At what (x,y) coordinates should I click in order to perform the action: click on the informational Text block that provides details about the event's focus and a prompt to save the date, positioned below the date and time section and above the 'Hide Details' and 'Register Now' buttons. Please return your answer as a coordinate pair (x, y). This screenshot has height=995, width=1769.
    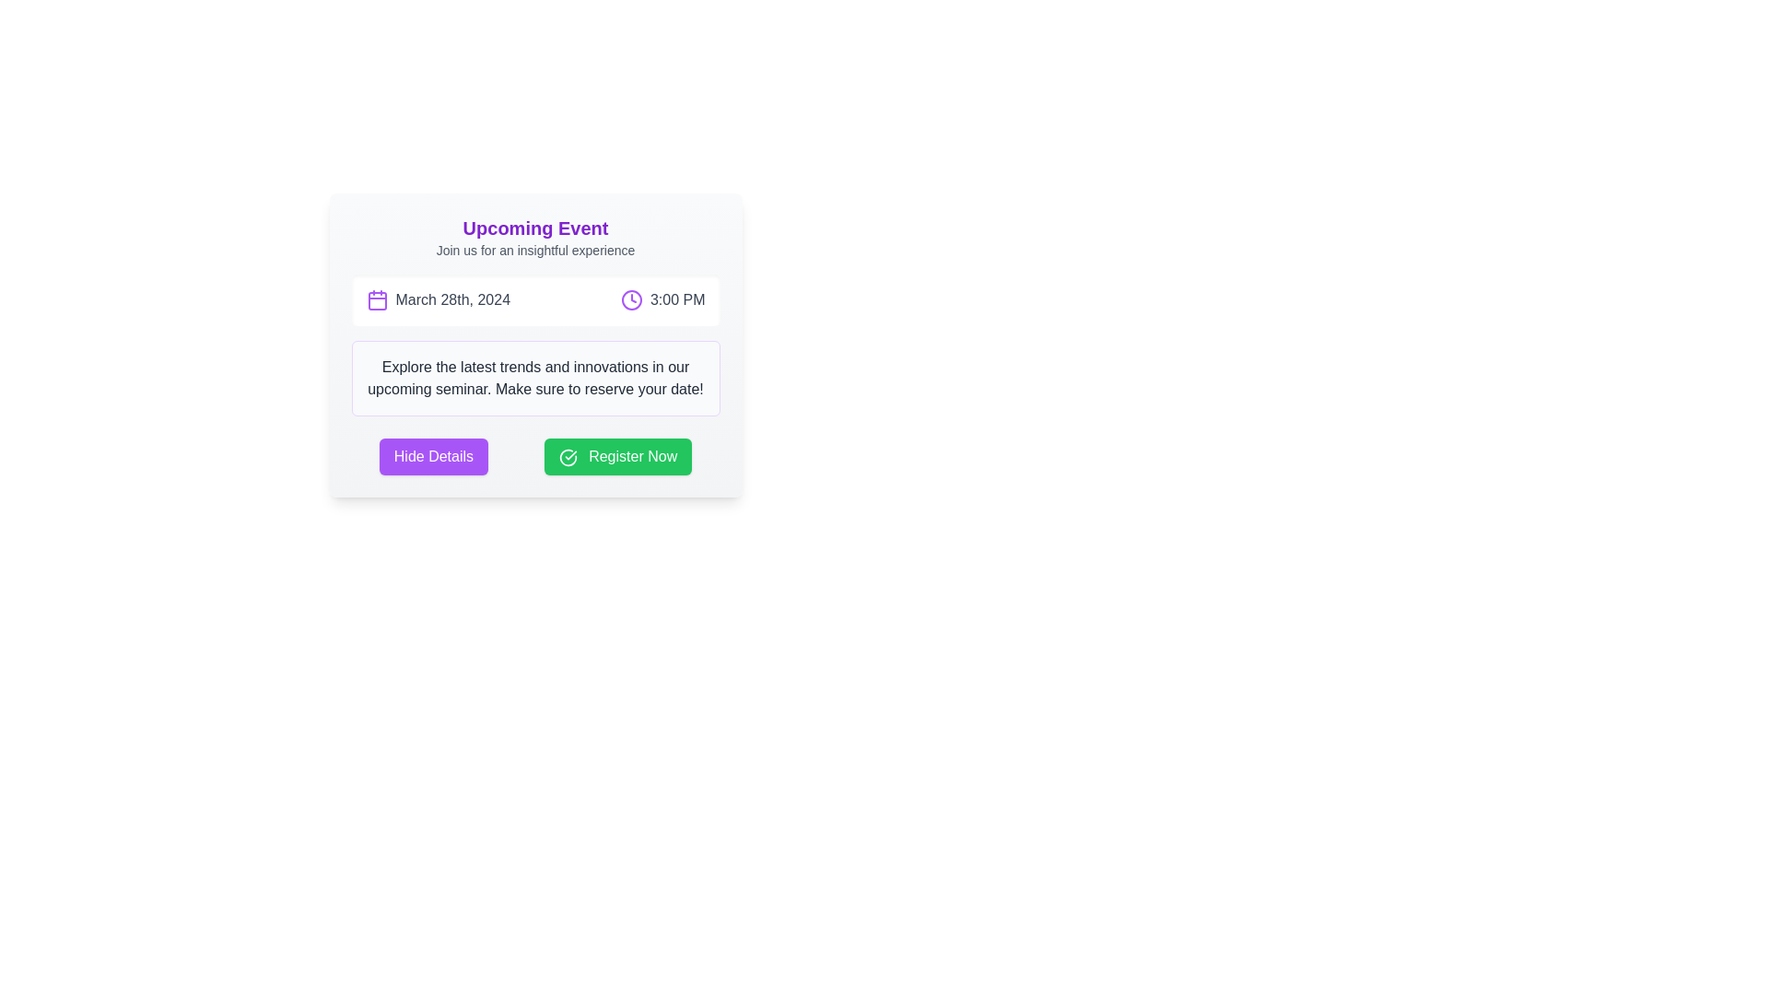
    Looking at the image, I should click on (534, 378).